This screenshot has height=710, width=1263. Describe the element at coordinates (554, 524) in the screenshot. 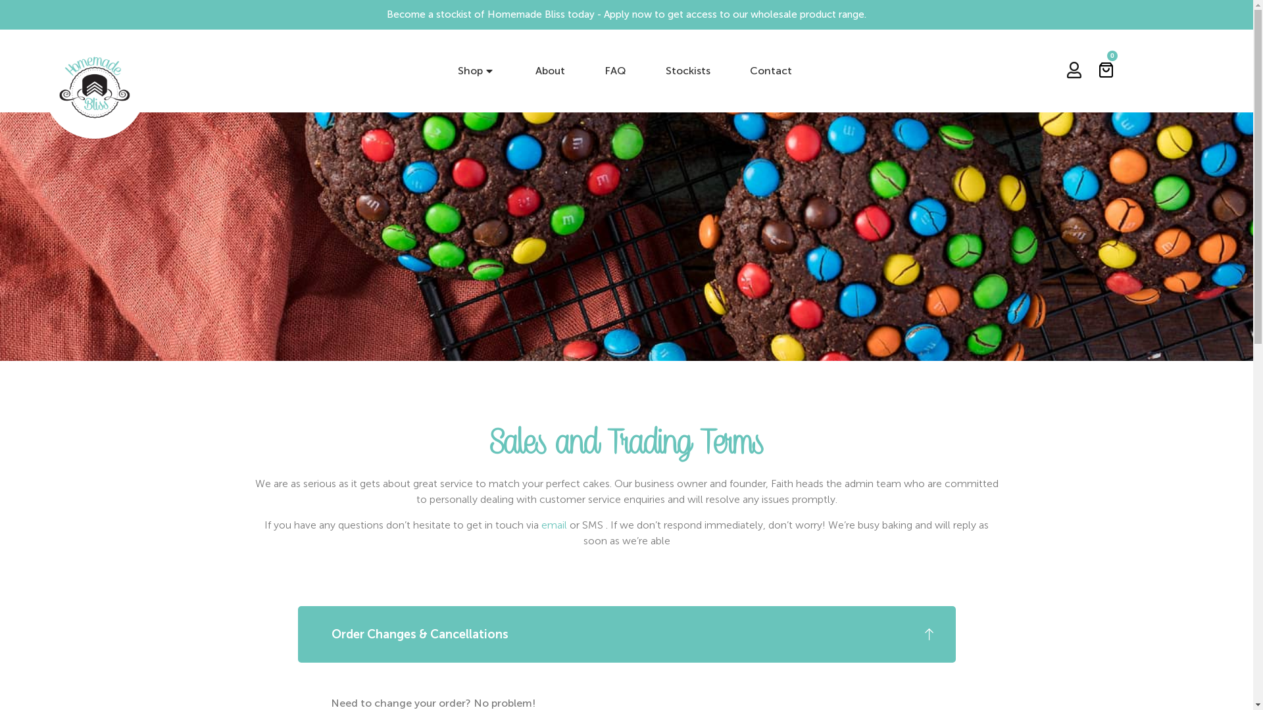

I see `'email'` at that location.